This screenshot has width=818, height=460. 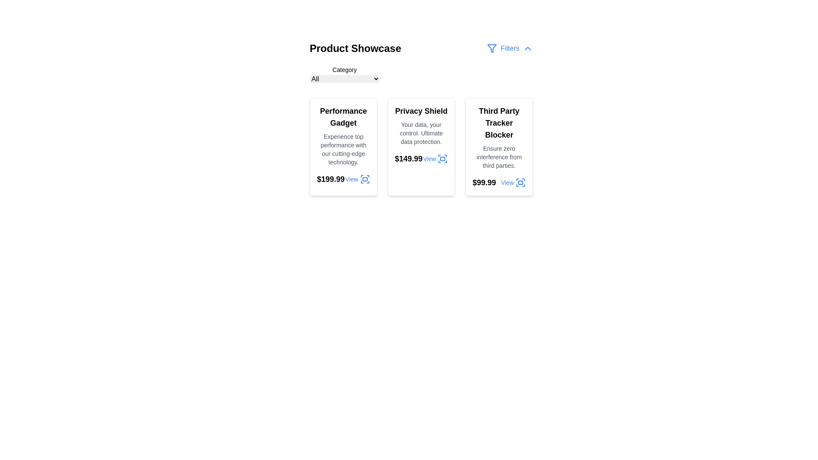 What do you see at coordinates (343, 117) in the screenshot?
I see `the 'Performance Gadget' text label, which is styled in bold and slightly larger font, located at the top of the first card in a horizontally aligned grid` at bounding box center [343, 117].